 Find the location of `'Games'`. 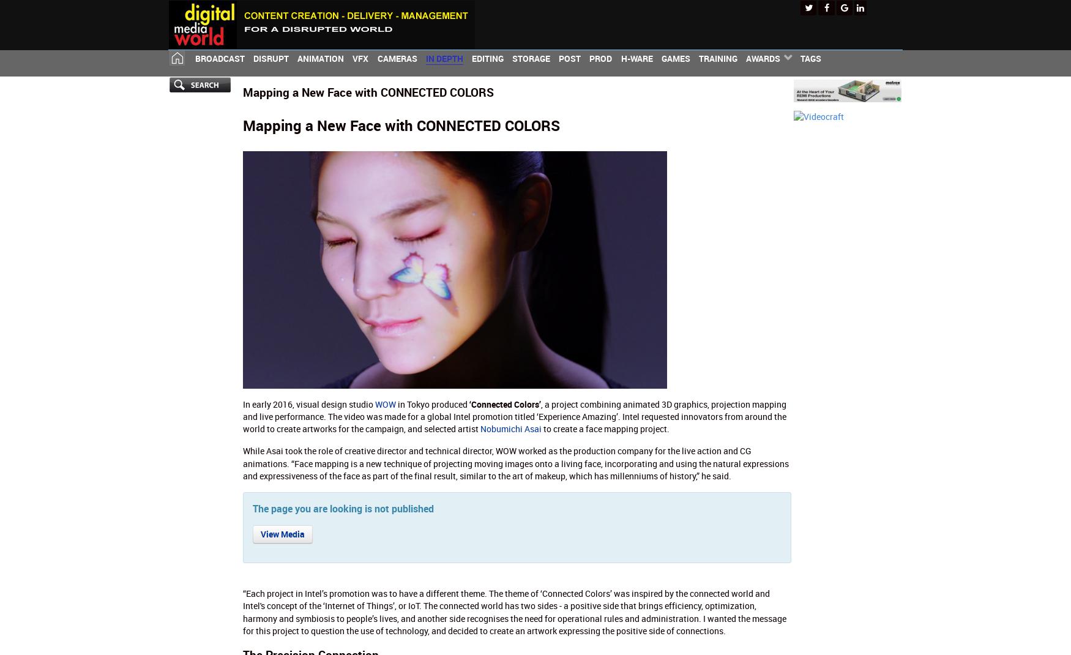

'Games' is located at coordinates (675, 58).